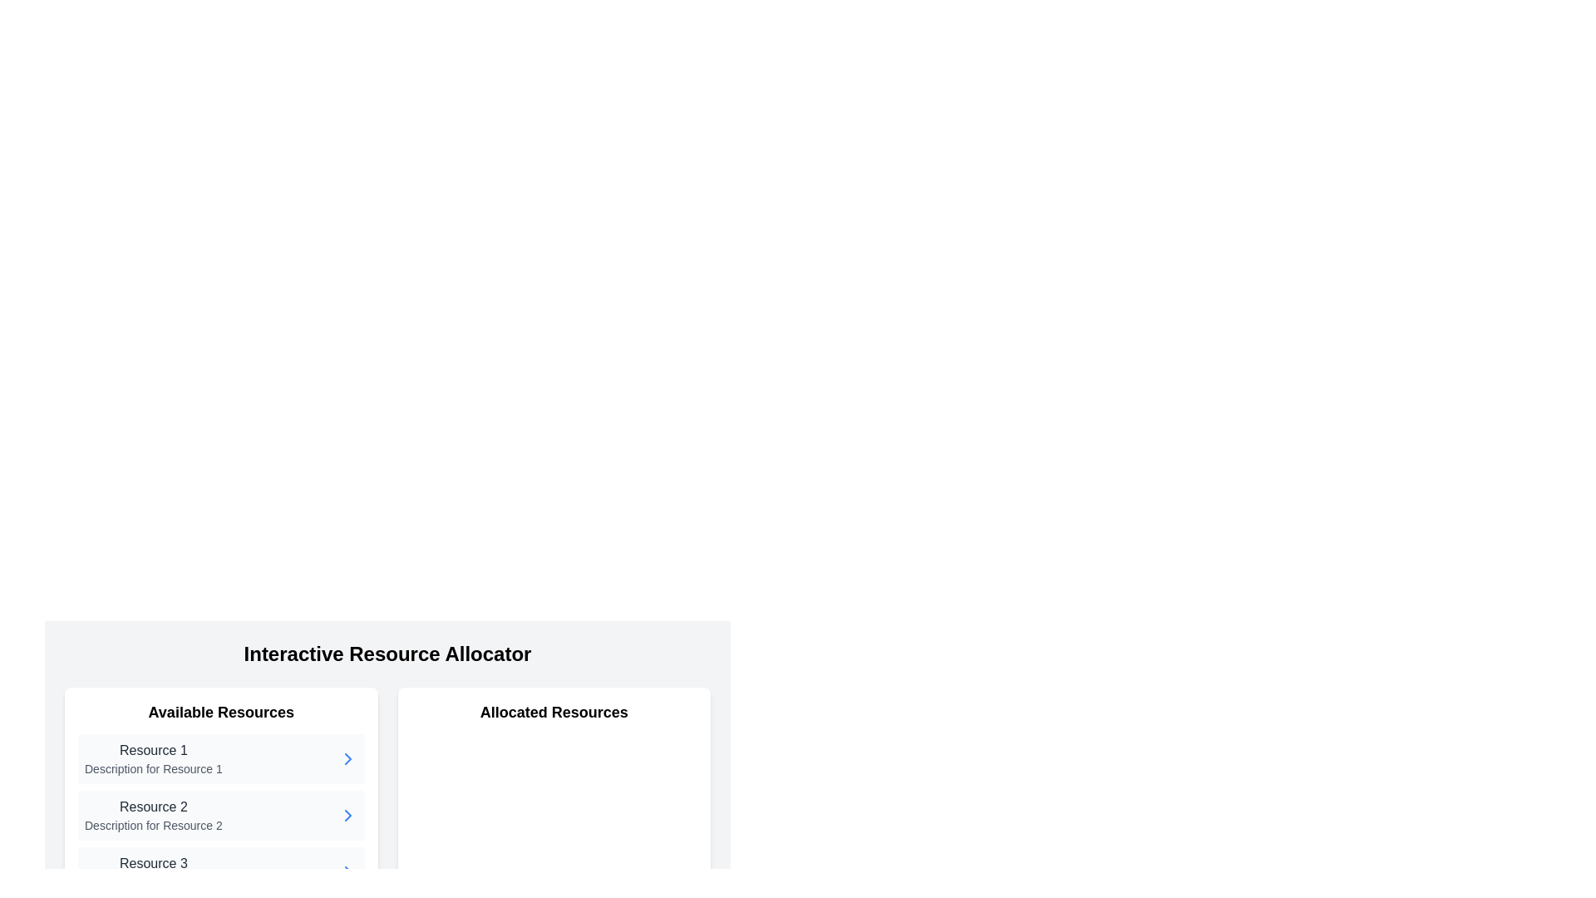 This screenshot has width=1596, height=898. What do you see at coordinates (220, 871) in the screenshot?
I see `the list item displaying 'Resource 3'` at bounding box center [220, 871].